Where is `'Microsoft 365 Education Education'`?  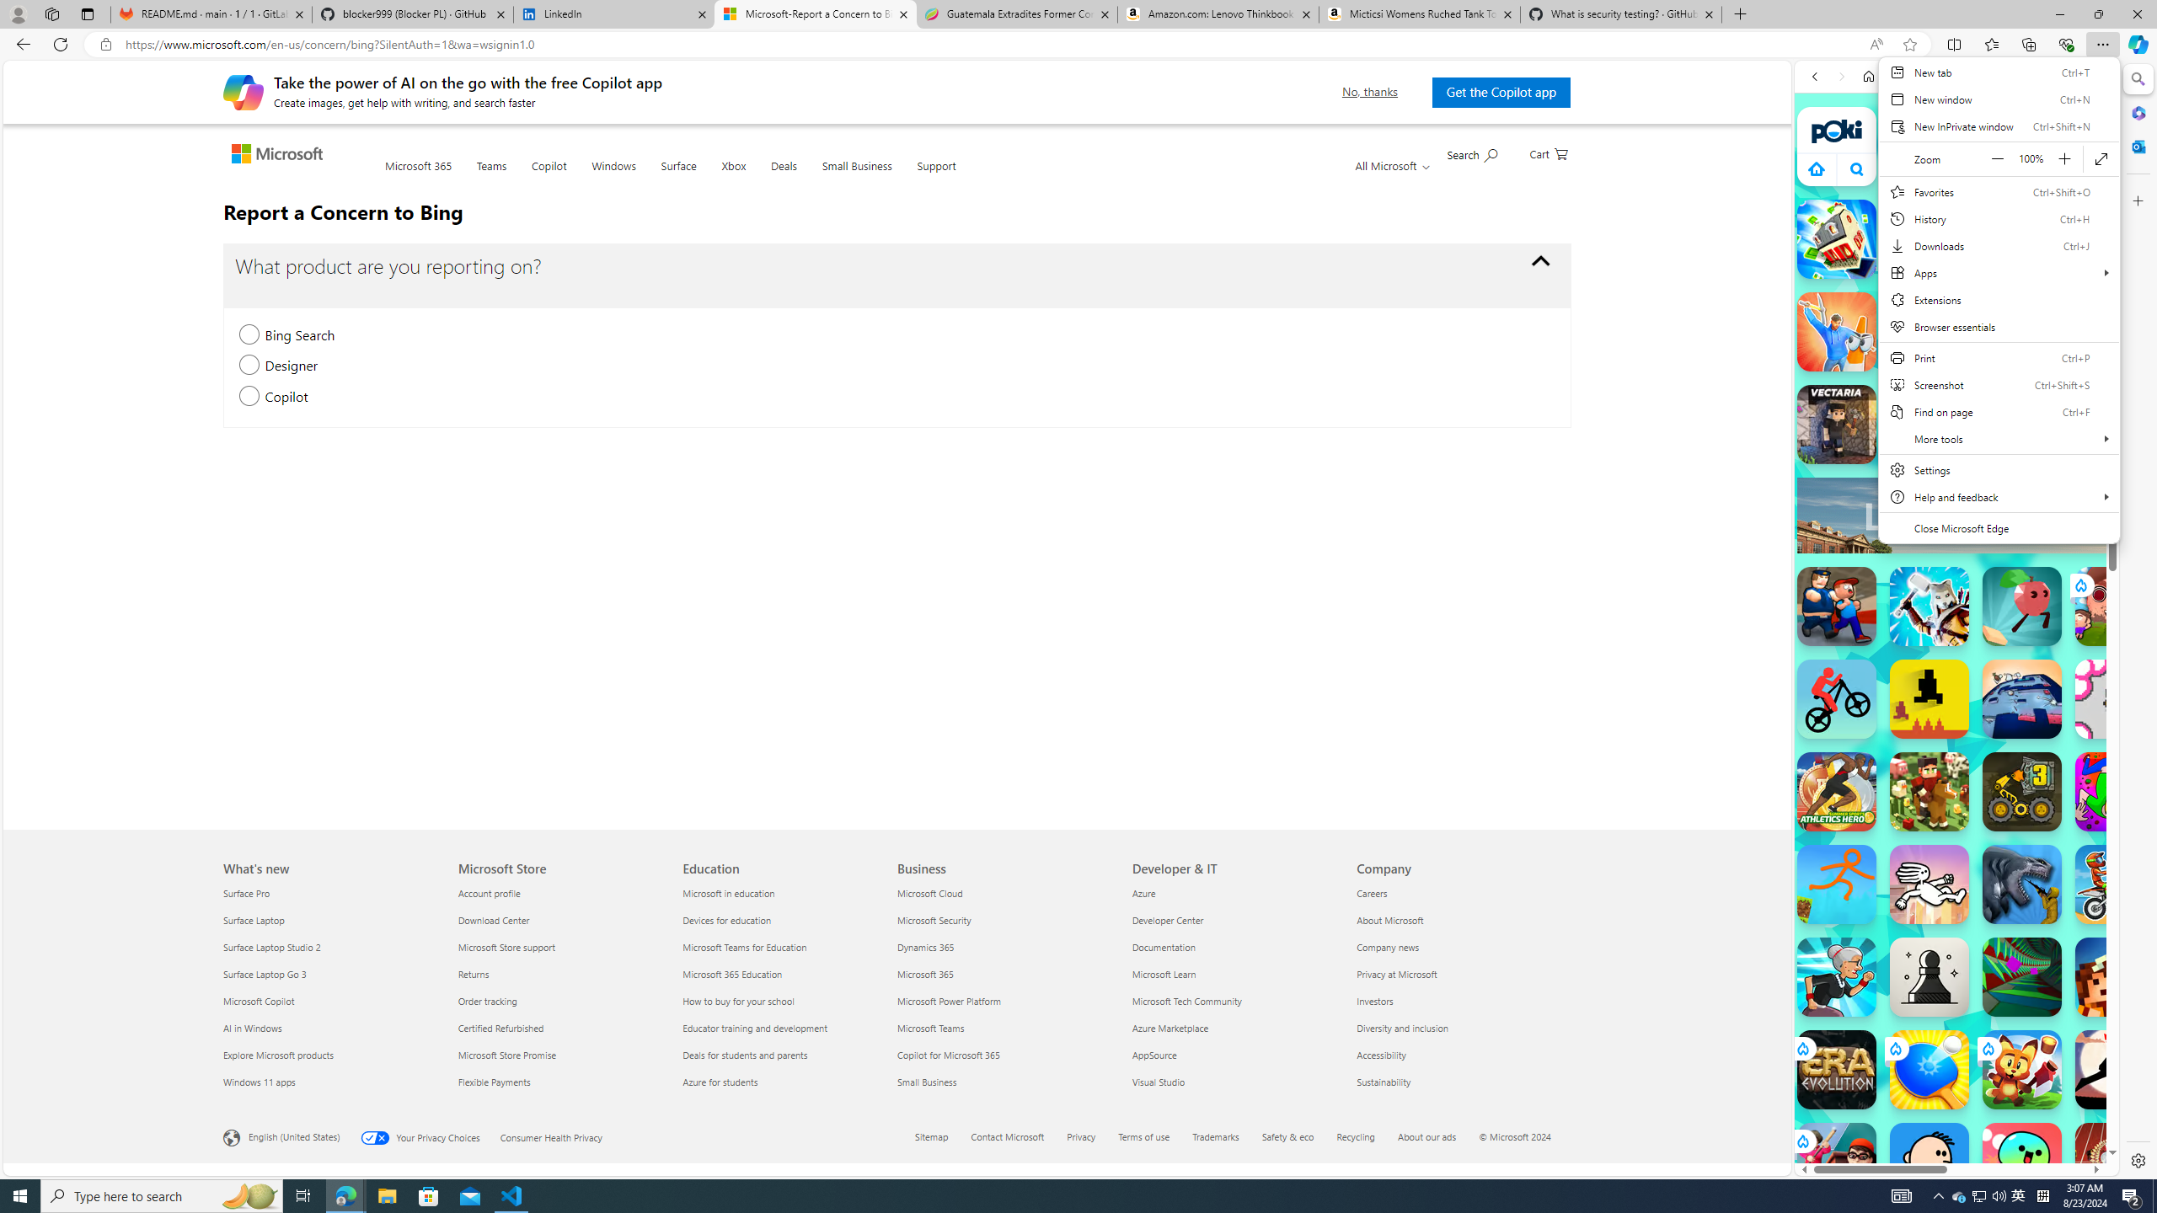
'Microsoft 365 Education Education' is located at coordinates (731, 972).